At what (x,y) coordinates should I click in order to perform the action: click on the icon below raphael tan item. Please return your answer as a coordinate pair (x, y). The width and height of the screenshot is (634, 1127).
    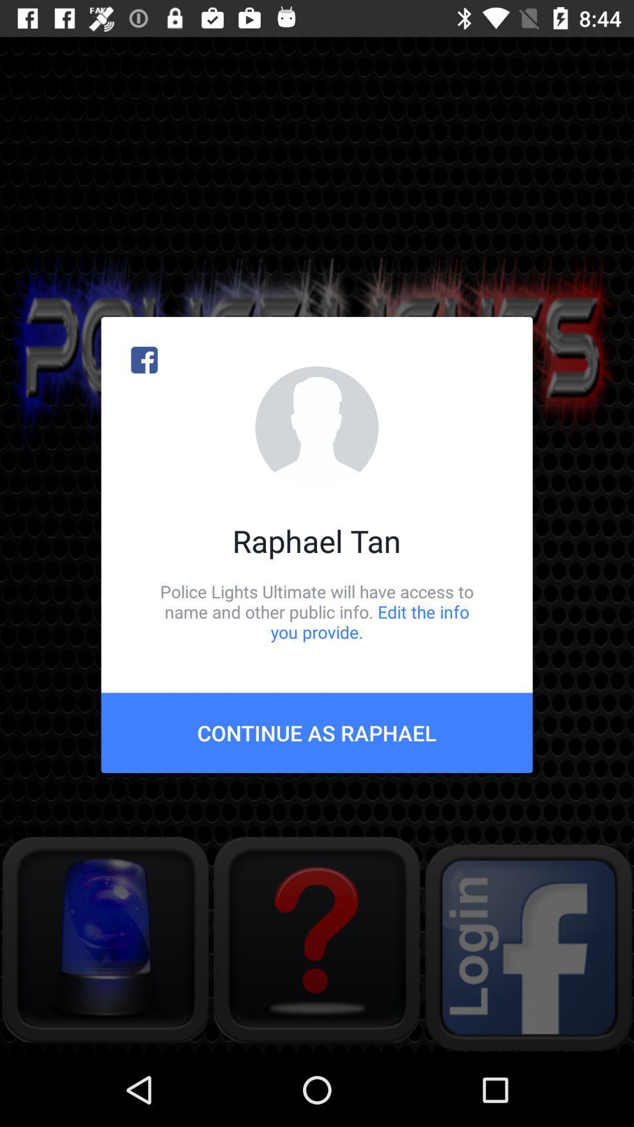
    Looking at the image, I should click on (317, 611).